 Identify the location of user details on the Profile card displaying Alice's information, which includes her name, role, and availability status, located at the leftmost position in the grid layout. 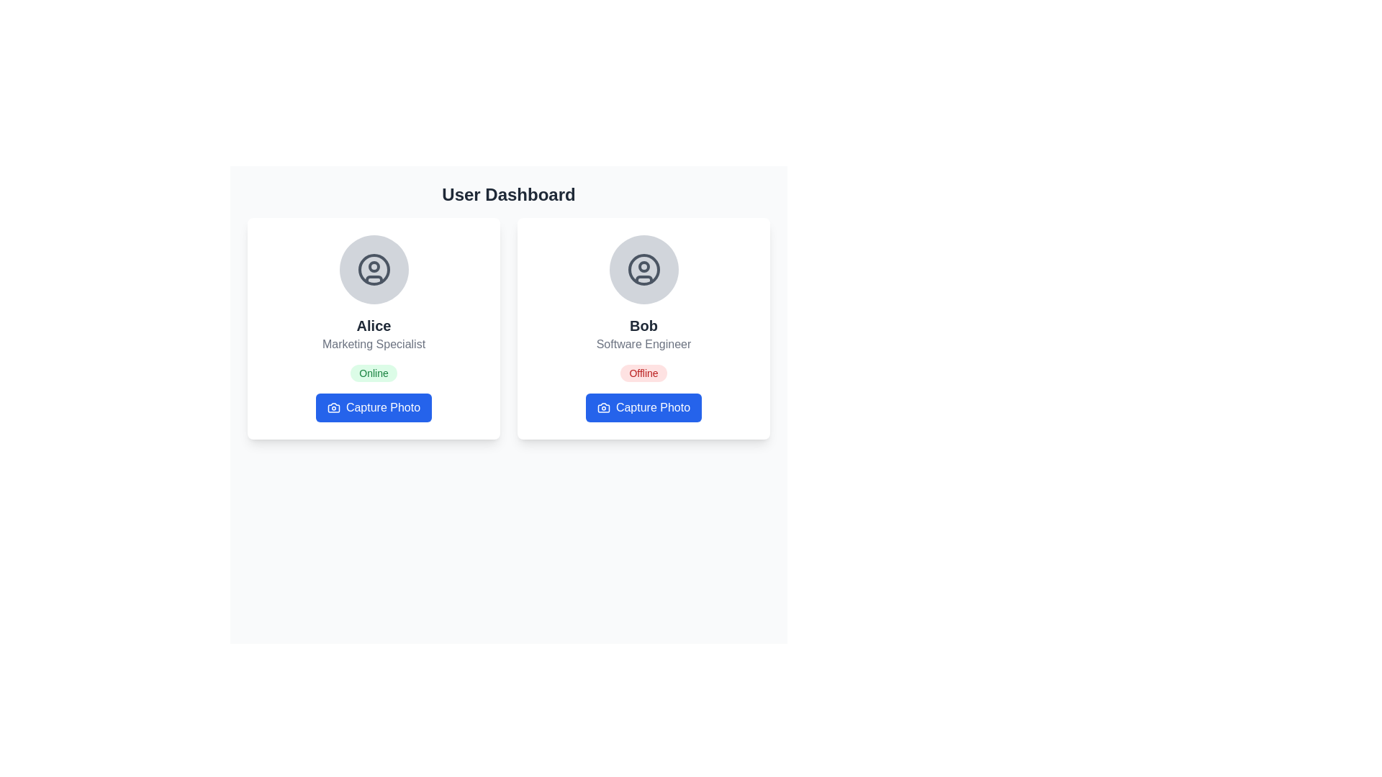
(374, 328).